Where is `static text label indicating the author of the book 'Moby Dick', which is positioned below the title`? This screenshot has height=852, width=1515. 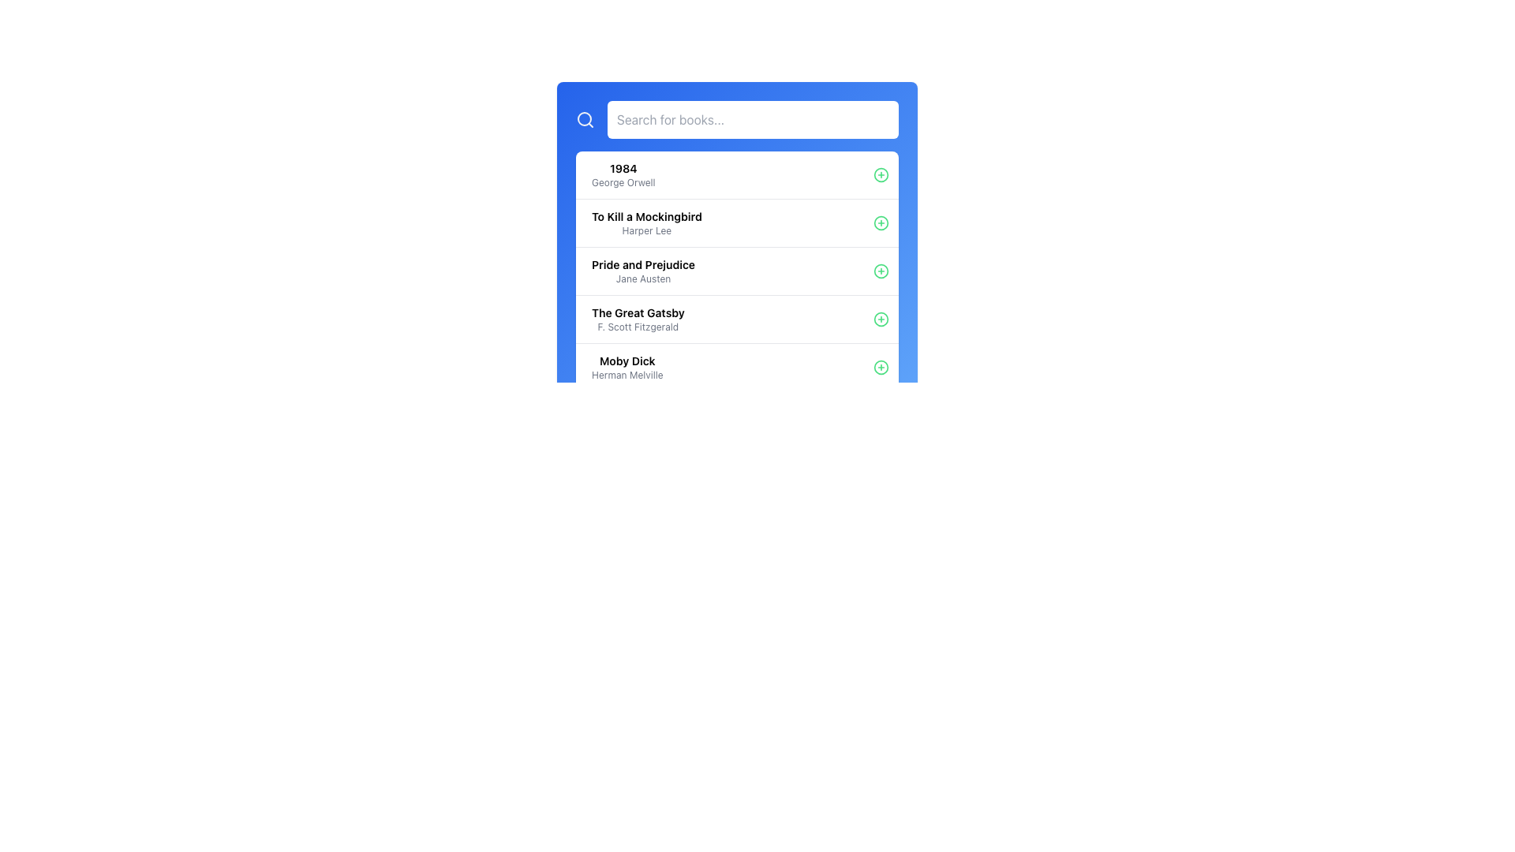
static text label indicating the author of the book 'Moby Dick', which is positioned below the title is located at coordinates (627, 375).